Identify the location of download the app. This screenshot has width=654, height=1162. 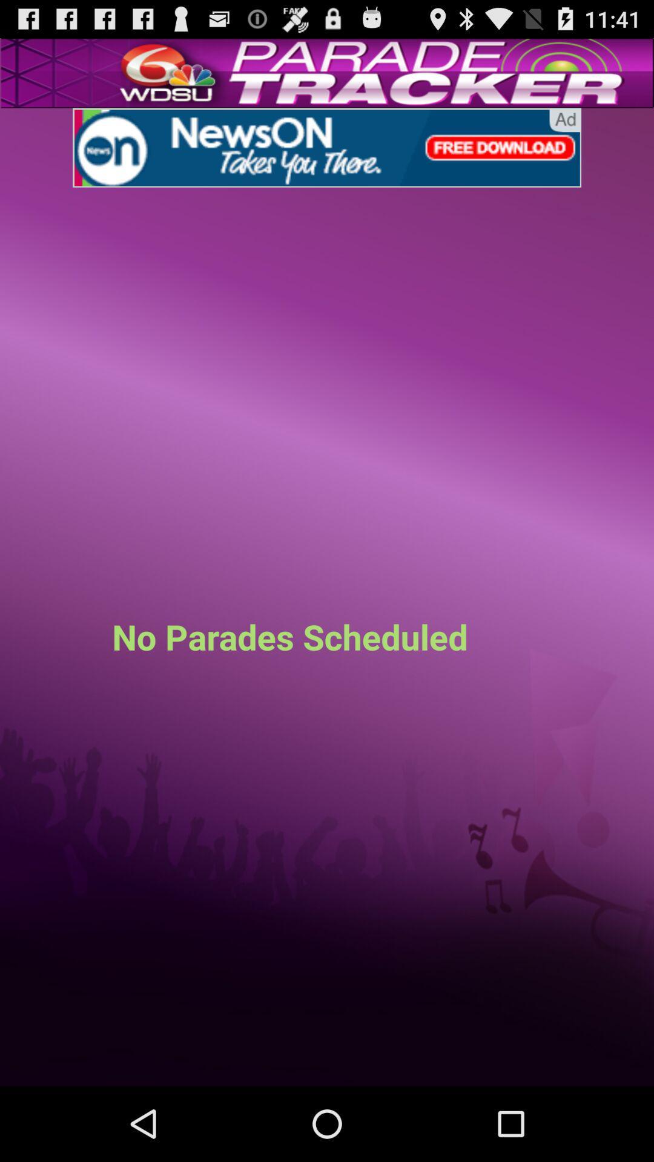
(327, 147).